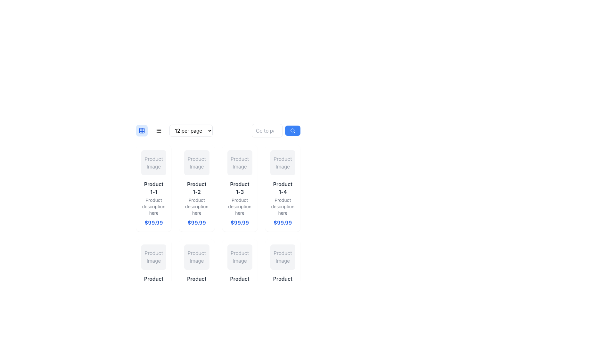 The width and height of the screenshot is (615, 346). Describe the element at coordinates (191, 130) in the screenshot. I see `an option from the dropdown menu located in the center of a row of options above the product grid, positioned between a grid/list toggle button and a pagination input field` at that location.